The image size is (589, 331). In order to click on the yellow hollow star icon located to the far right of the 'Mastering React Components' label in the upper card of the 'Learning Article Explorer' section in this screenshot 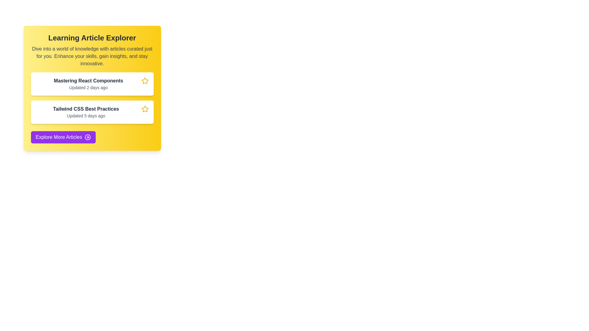, I will do `click(144, 80)`.